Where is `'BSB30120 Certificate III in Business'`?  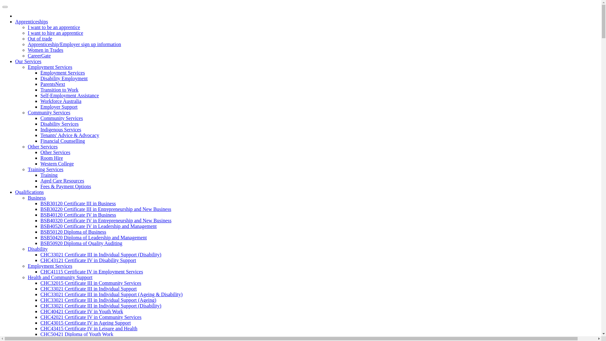 'BSB30120 Certificate III in Business' is located at coordinates (78, 203).